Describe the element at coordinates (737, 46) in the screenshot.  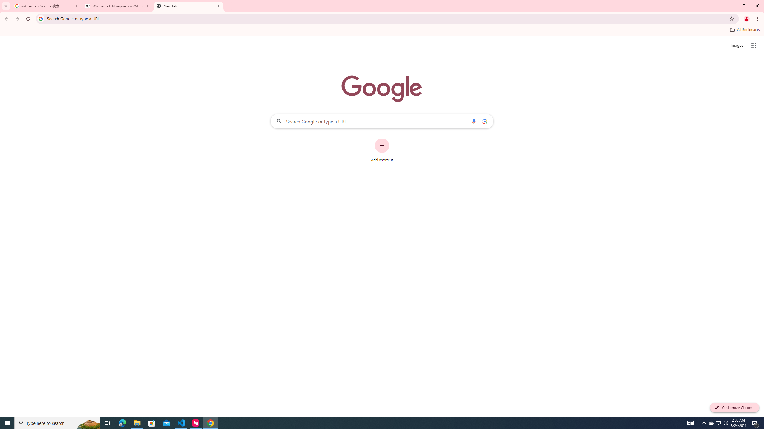
I see `'Search for Images '` at that location.